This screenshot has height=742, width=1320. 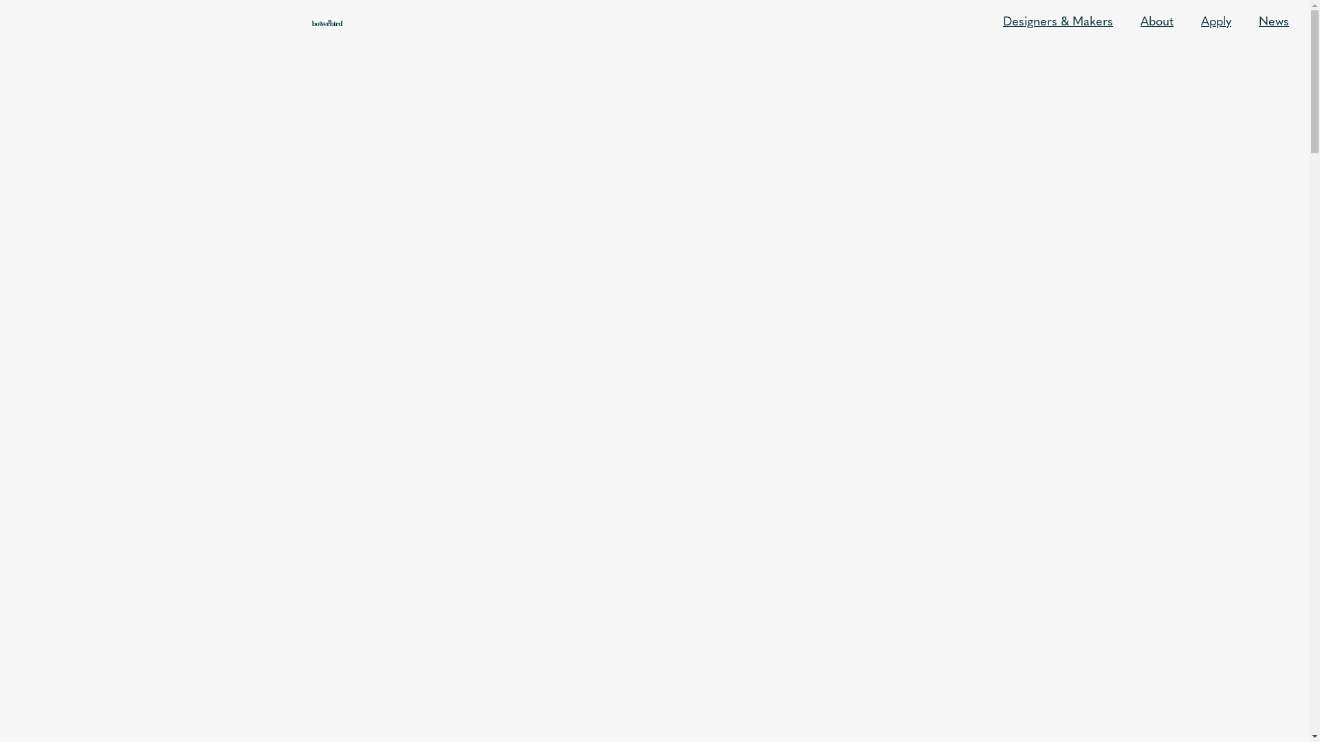 I want to click on 'Designers & Makers', so click(x=1057, y=23).